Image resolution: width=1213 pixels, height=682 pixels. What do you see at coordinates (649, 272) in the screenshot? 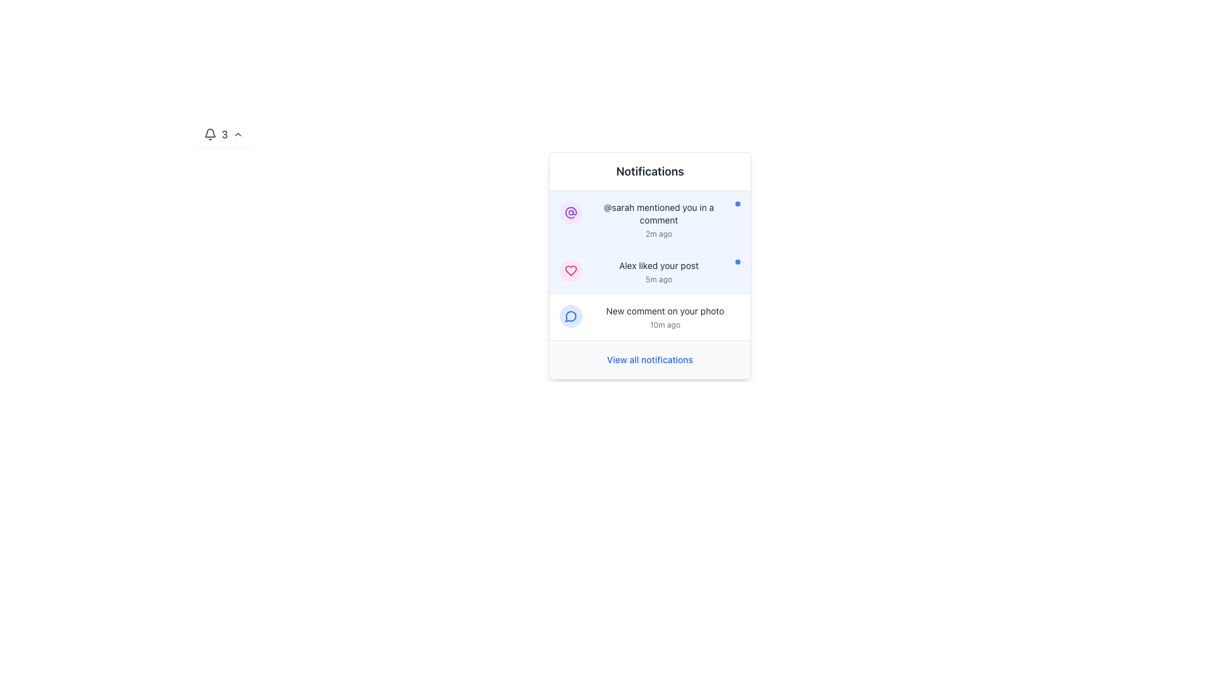
I see `the second notification in the notifications panel indicating that user Alex liked the recipient's post, which is visually marked with a blue dot for unread status` at bounding box center [649, 272].